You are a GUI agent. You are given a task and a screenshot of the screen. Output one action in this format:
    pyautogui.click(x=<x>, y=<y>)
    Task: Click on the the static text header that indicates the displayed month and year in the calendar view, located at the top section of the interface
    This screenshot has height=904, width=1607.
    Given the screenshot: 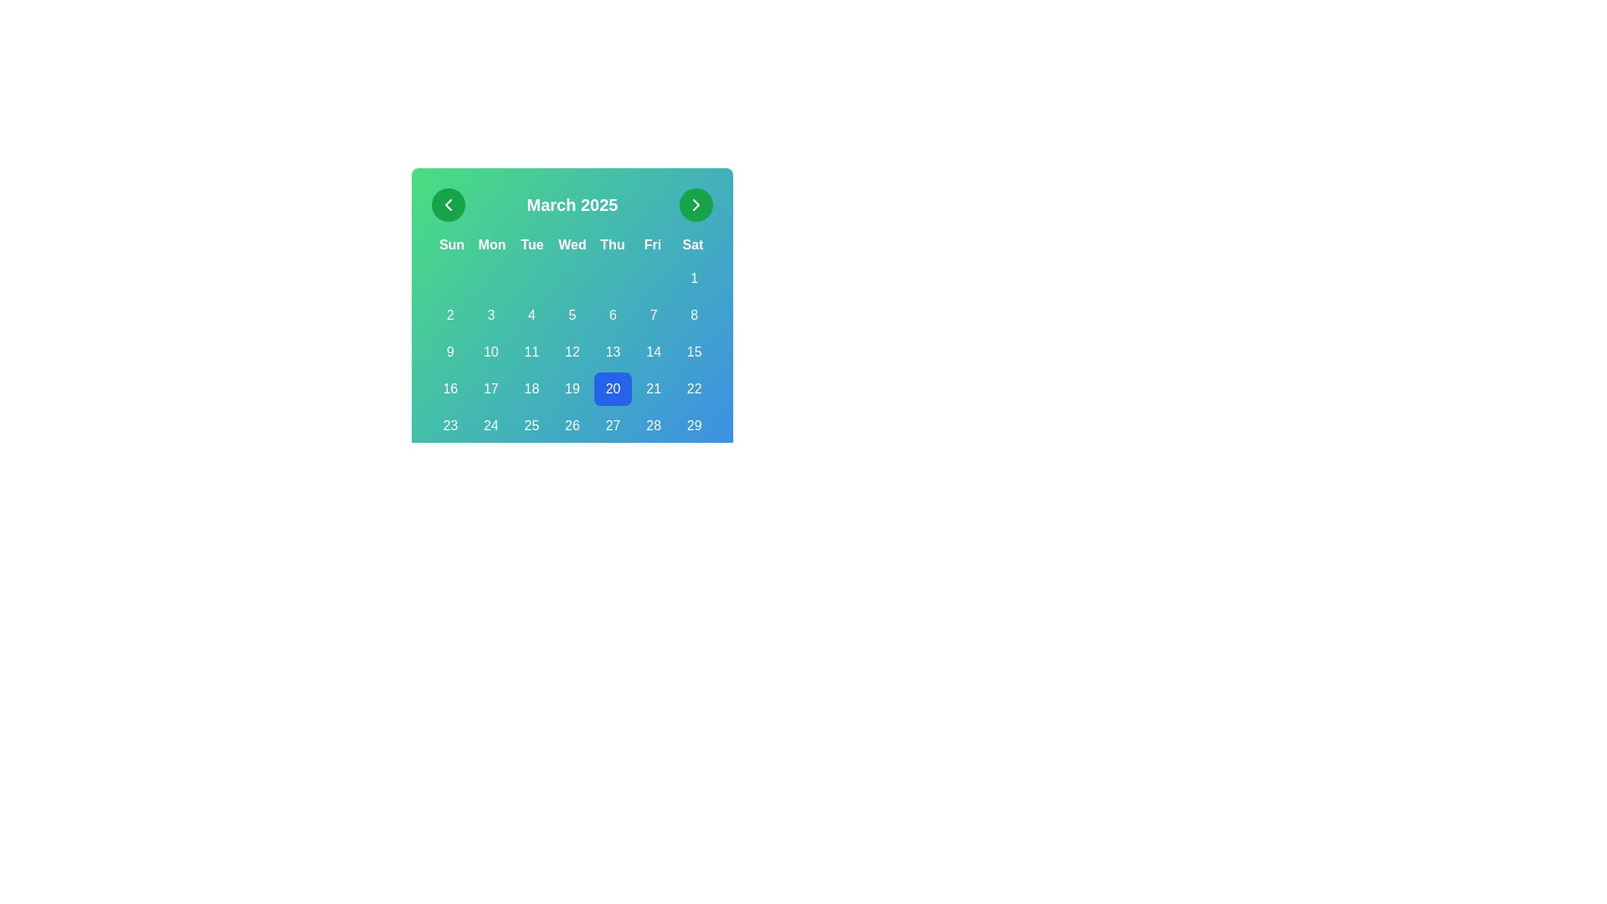 What is the action you would take?
    pyautogui.click(x=572, y=204)
    